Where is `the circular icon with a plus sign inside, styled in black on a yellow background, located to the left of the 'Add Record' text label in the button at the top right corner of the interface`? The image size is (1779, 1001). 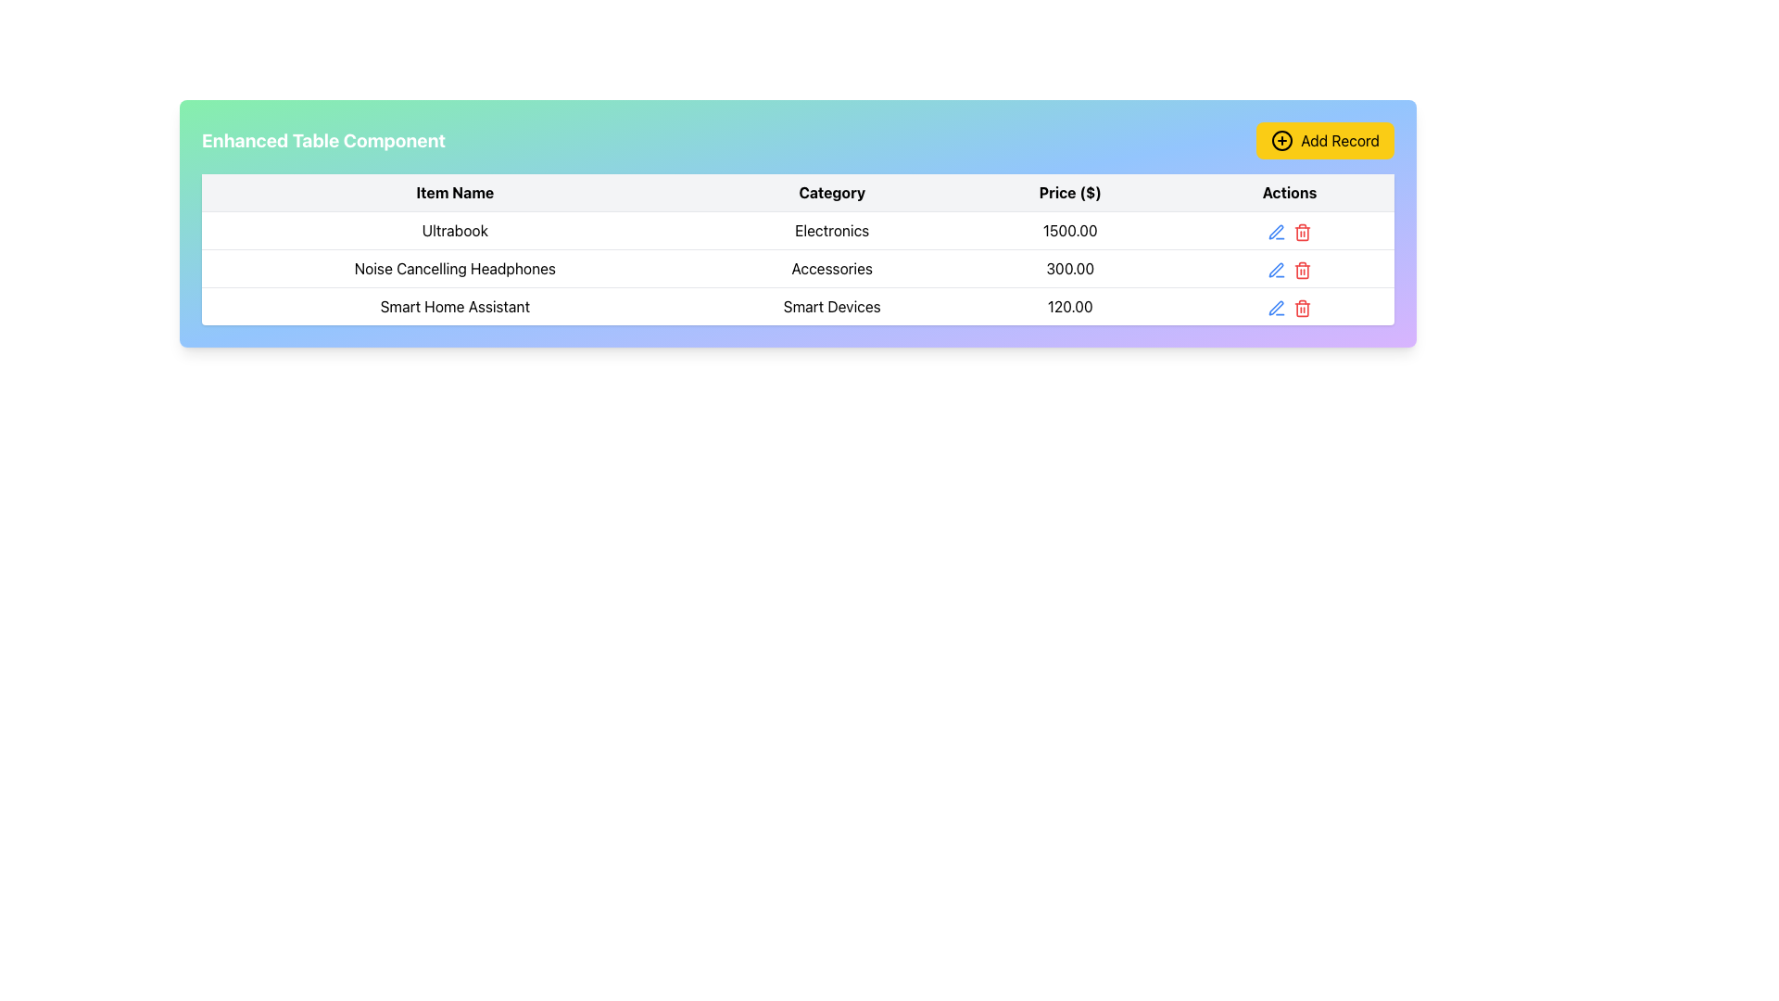 the circular icon with a plus sign inside, styled in black on a yellow background, located to the left of the 'Add Record' text label in the button at the top right corner of the interface is located at coordinates (1281, 139).